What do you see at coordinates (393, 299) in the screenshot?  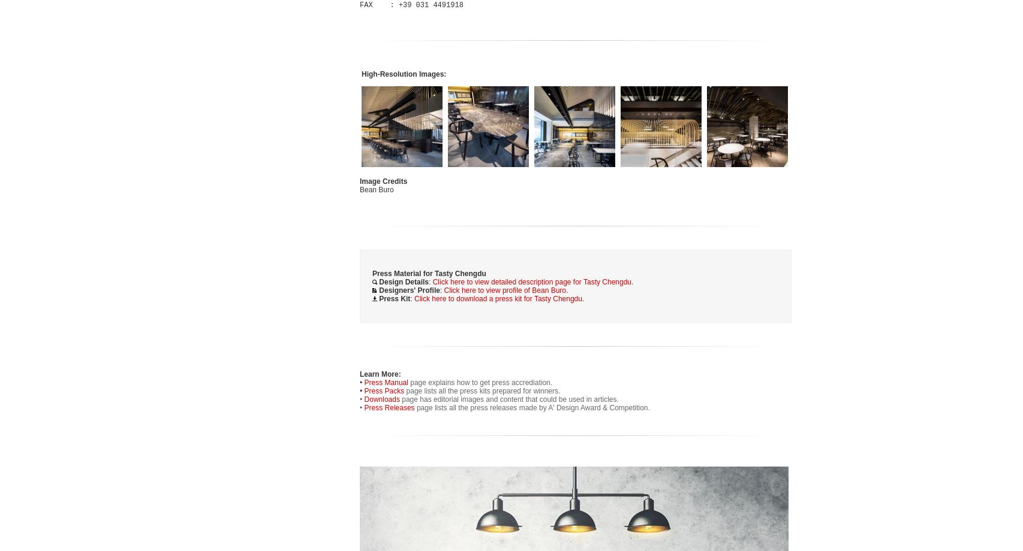 I see `'Press Kit'` at bounding box center [393, 299].